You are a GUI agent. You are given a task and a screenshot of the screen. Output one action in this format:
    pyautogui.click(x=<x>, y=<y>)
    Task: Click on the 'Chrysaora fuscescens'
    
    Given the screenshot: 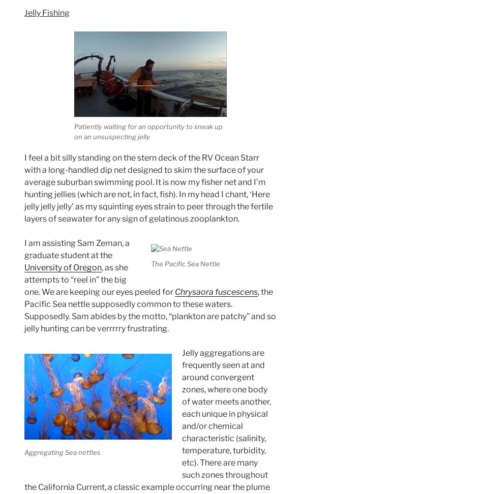 What is the action you would take?
    pyautogui.click(x=216, y=291)
    